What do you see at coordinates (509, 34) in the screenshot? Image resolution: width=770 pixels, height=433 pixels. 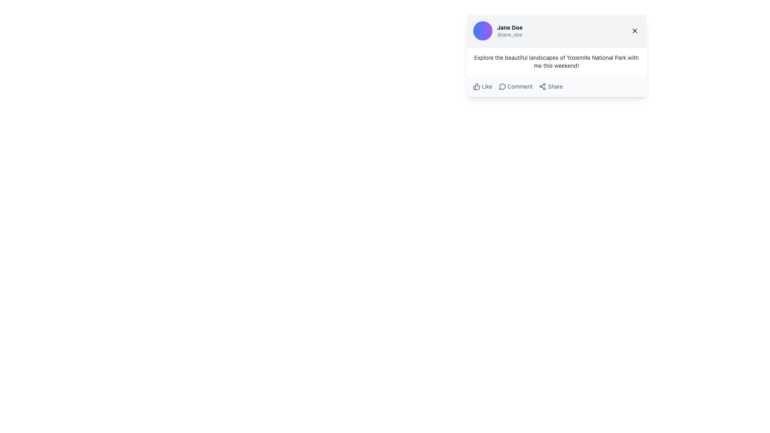 I see `the username handle text located immediately underneath the 'Jane Doe' heading in the profile details area` at bounding box center [509, 34].